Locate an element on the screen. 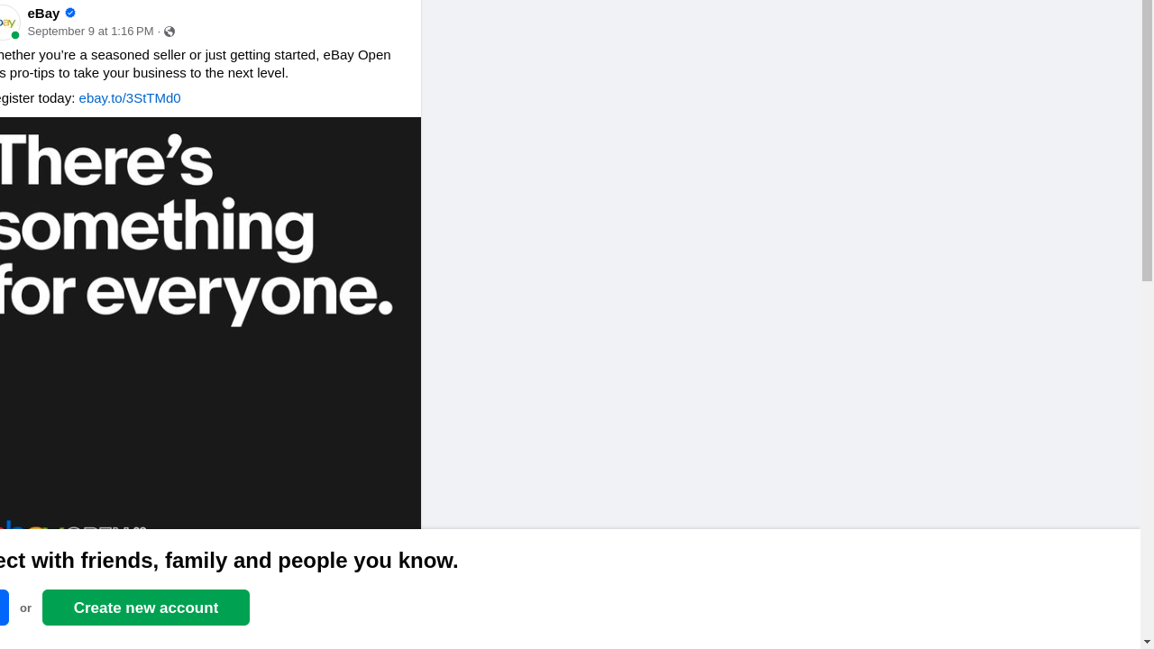 This screenshot has height=649, width=1154. 'ebay.to/3StTMd0' is located at coordinates (129, 97).